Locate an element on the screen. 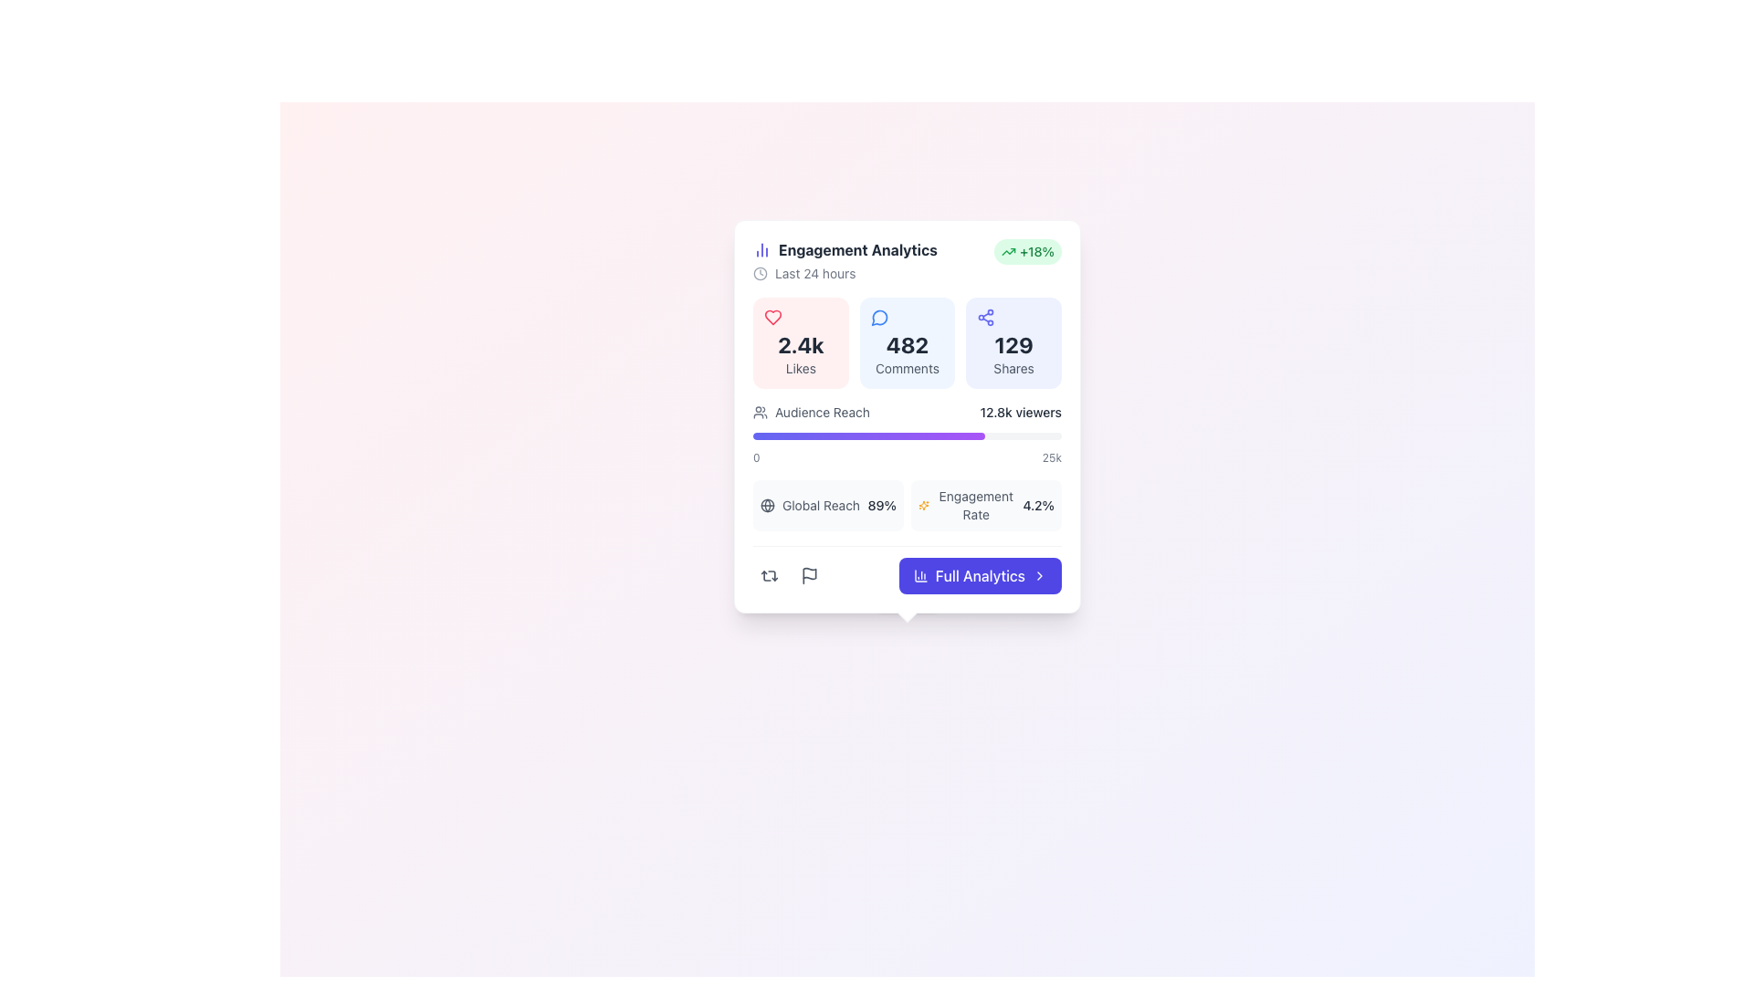  the heart icon styled in rose color, which represents likes information, located to the left of the text '2.4k Likes' is located at coordinates (888, 594).